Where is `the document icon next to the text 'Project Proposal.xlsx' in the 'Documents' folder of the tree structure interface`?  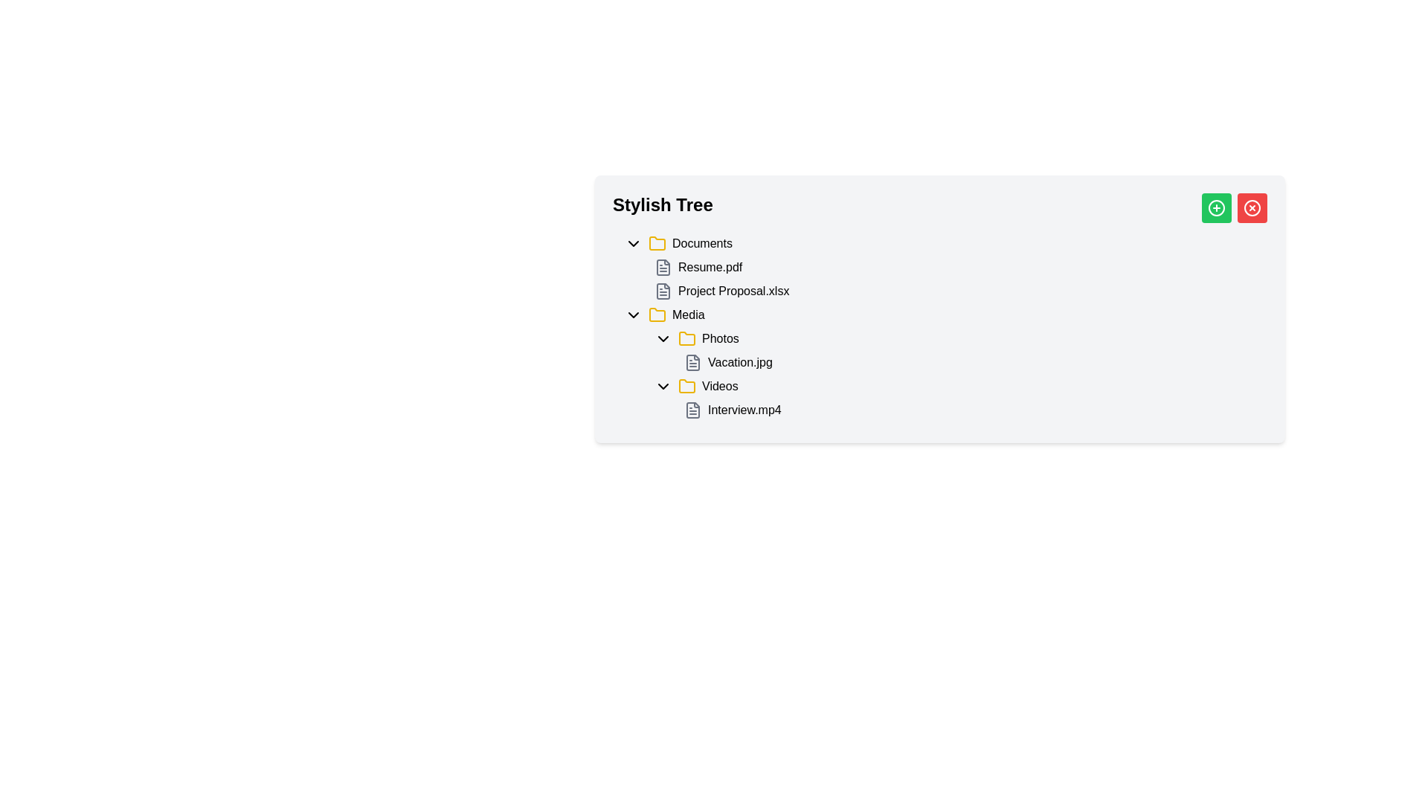
the document icon next to the text 'Project Proposal.xlsx' in the 'Documents' folder of the tree structure interface is located at coordinates (663, 291).